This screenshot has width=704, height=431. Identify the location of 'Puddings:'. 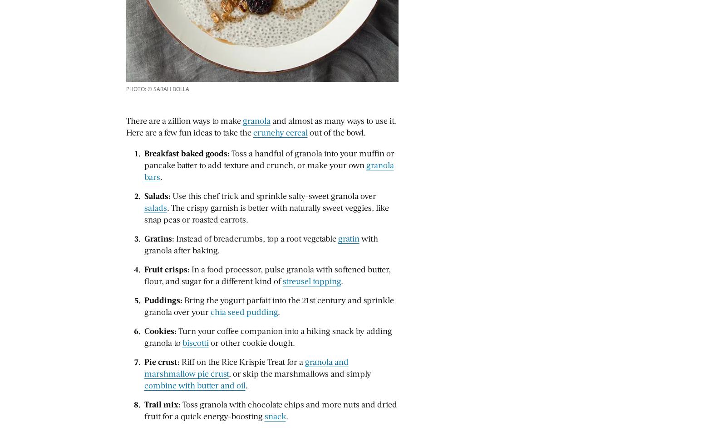
(163, 299).